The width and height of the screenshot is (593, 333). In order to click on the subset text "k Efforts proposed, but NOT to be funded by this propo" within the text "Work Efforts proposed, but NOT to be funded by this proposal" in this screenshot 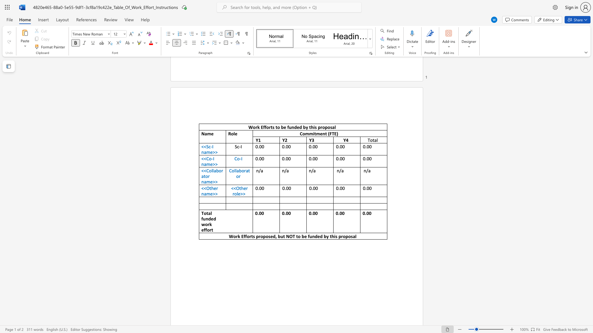, I will do `click(237, 236)`.